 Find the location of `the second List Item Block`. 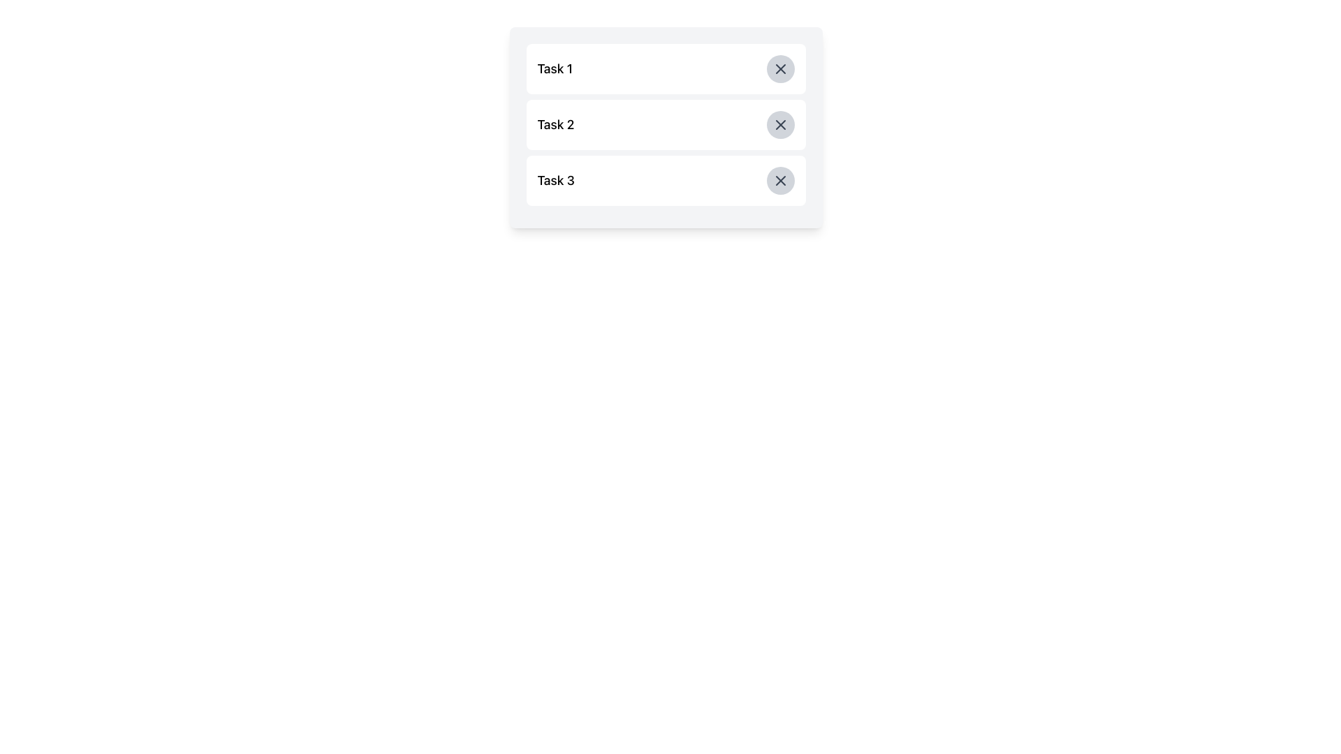

the second List Item Block is located at coordinates (665, 124).